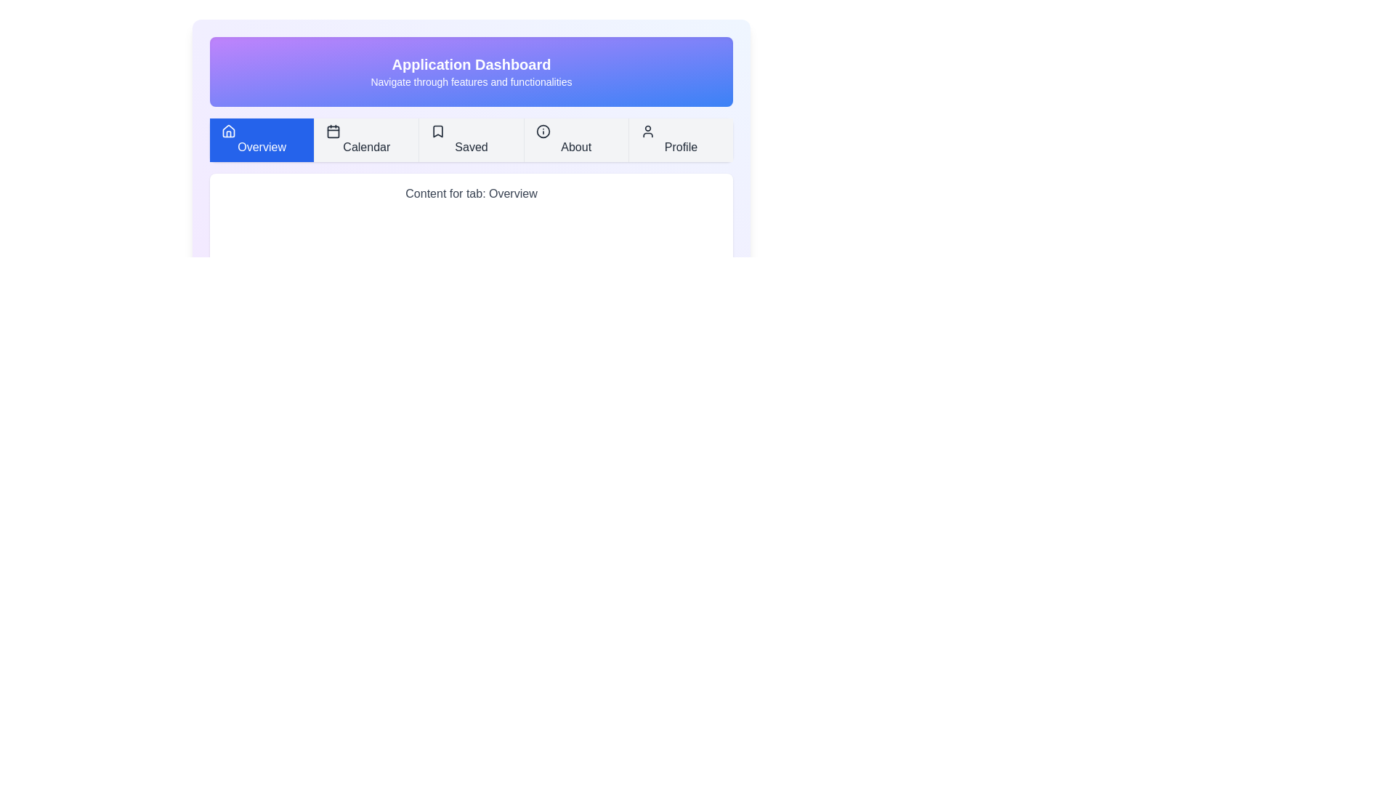 The image size is (1395, 785). I want to click on the calendar icon, which is styled with a rounded design, white fill, and black stroke lines, located within the 'Calendar' tab button in the top navigation bar, so click(333, 132).